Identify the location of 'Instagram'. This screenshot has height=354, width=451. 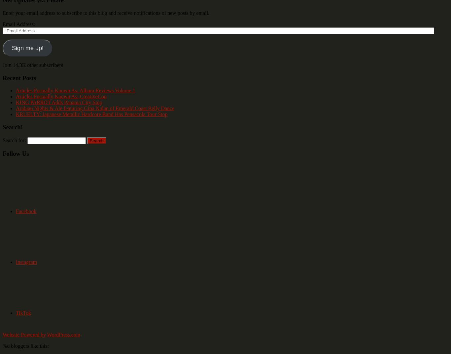
(26, 262).